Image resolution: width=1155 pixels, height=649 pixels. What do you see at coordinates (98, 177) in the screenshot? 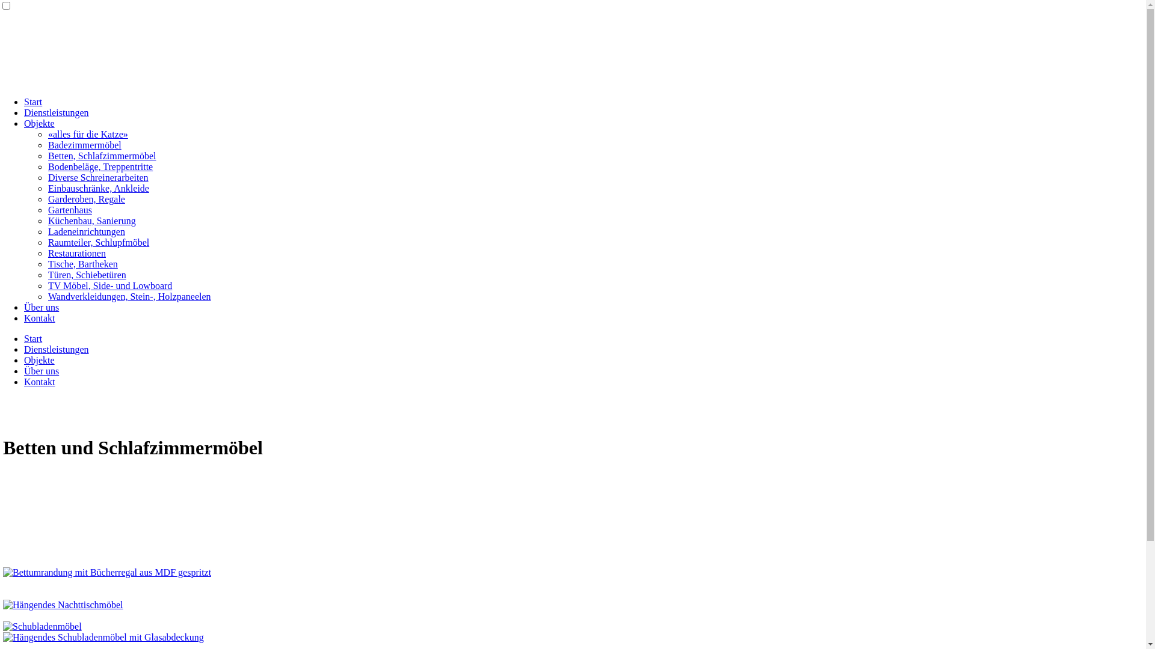
I see `'Diverse Schreinerarbeiten'` at bounding box center [98, 177].